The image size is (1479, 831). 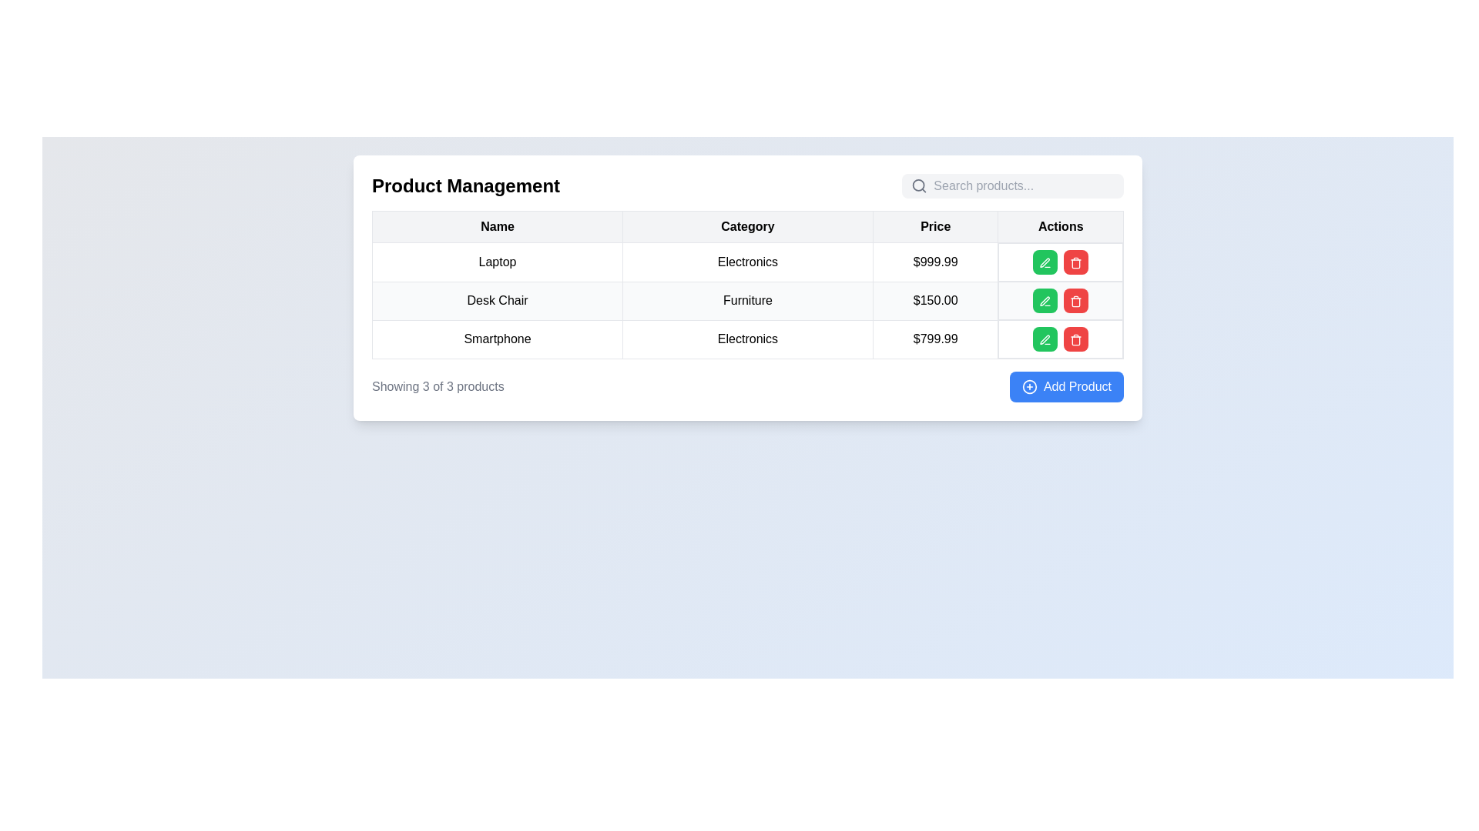 What do you see at coordinates (1060, 226) in the screenshot?
I see `the 'Actions' table column header, which is the fourth column header in a row of table headers, styled with a border and centered bold text on a light background` at bounding box center [1060, 226].